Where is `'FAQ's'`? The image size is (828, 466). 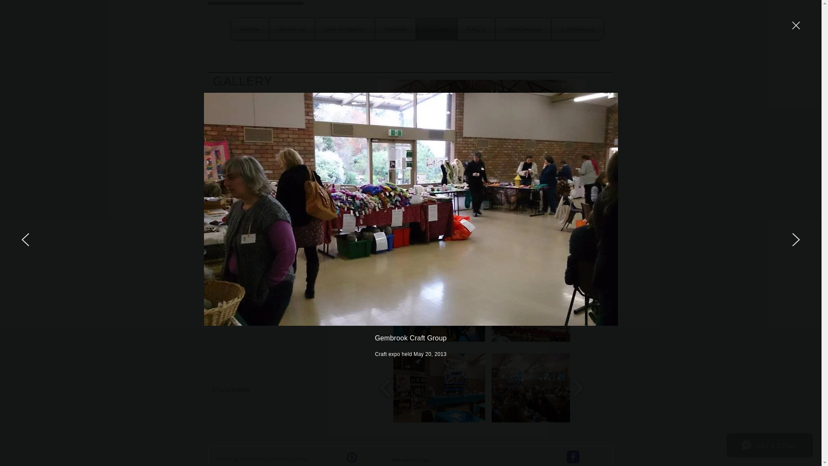 'FAQ's' is located at coordinates (457, 28).